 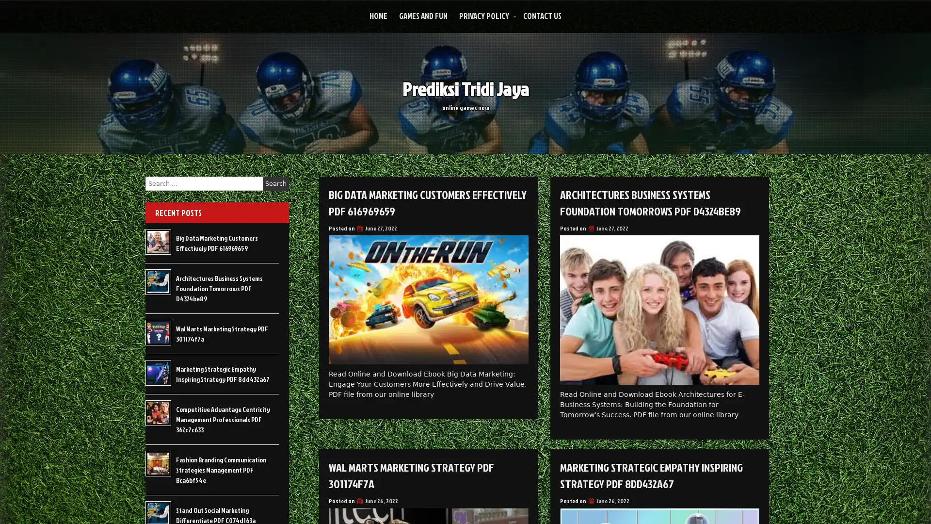 What do you see at coordinates (275, 183) in the screenshot?
I see `Search` at bounding box center [275, 183].